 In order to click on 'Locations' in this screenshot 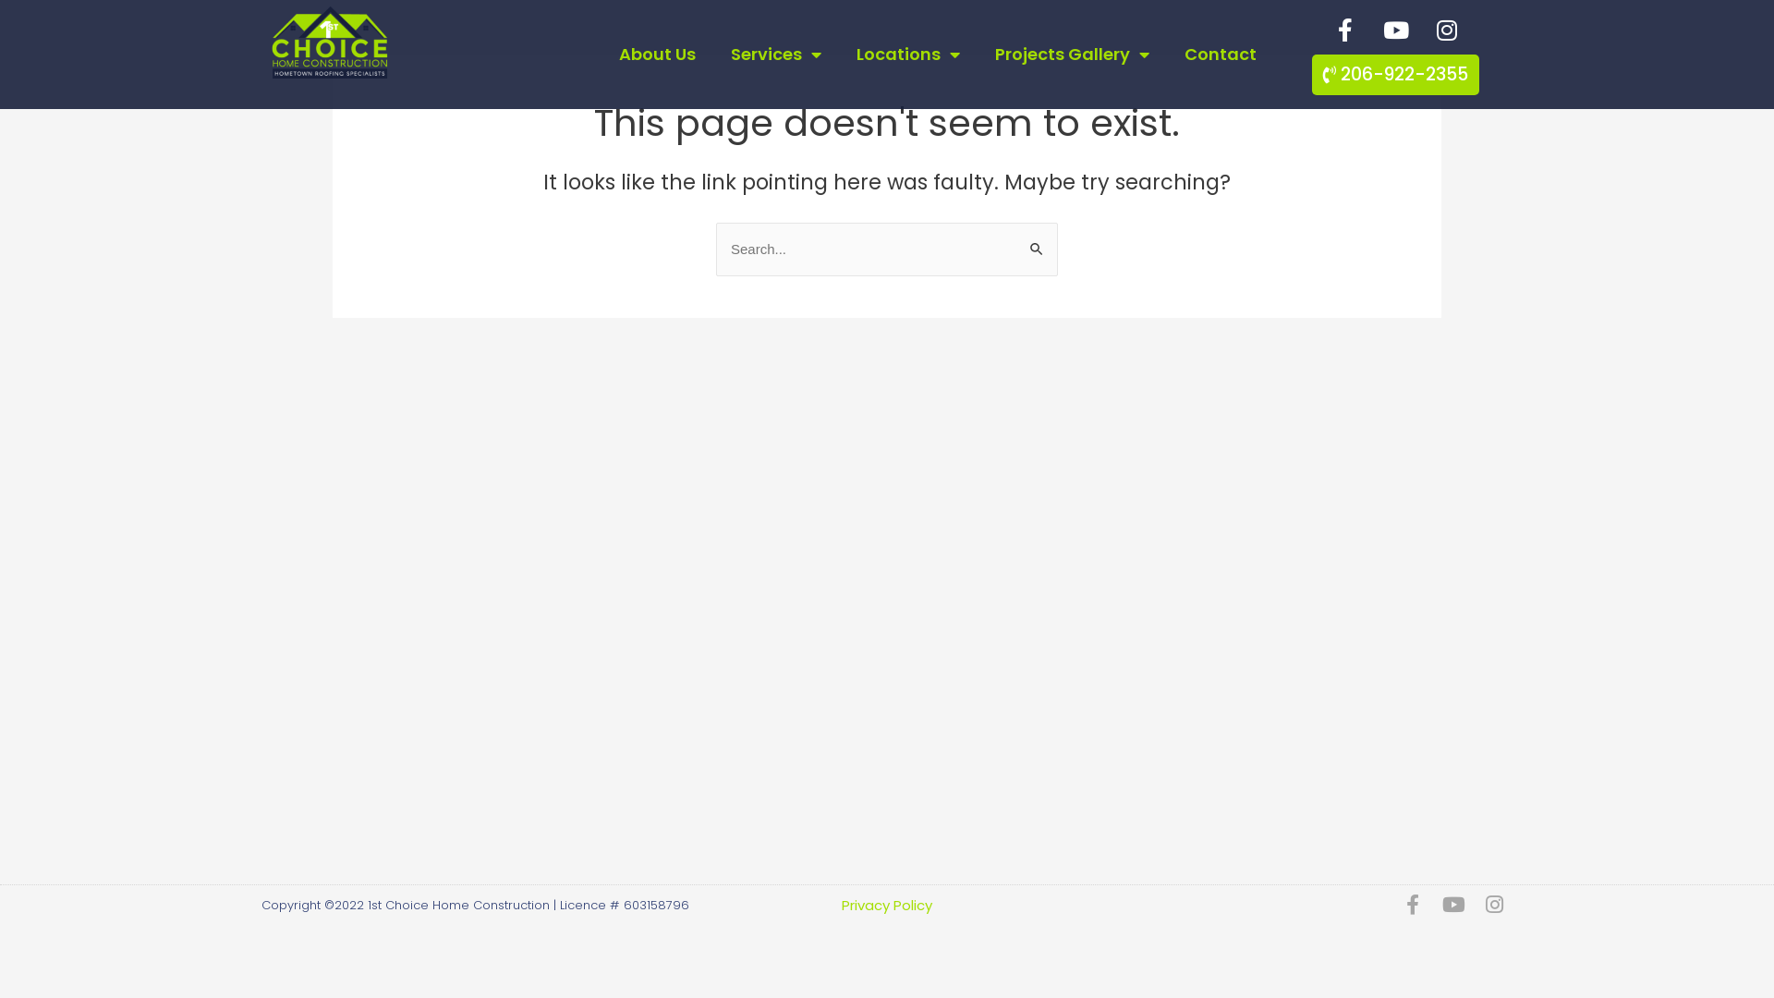, I will do `click(837, 53)`.